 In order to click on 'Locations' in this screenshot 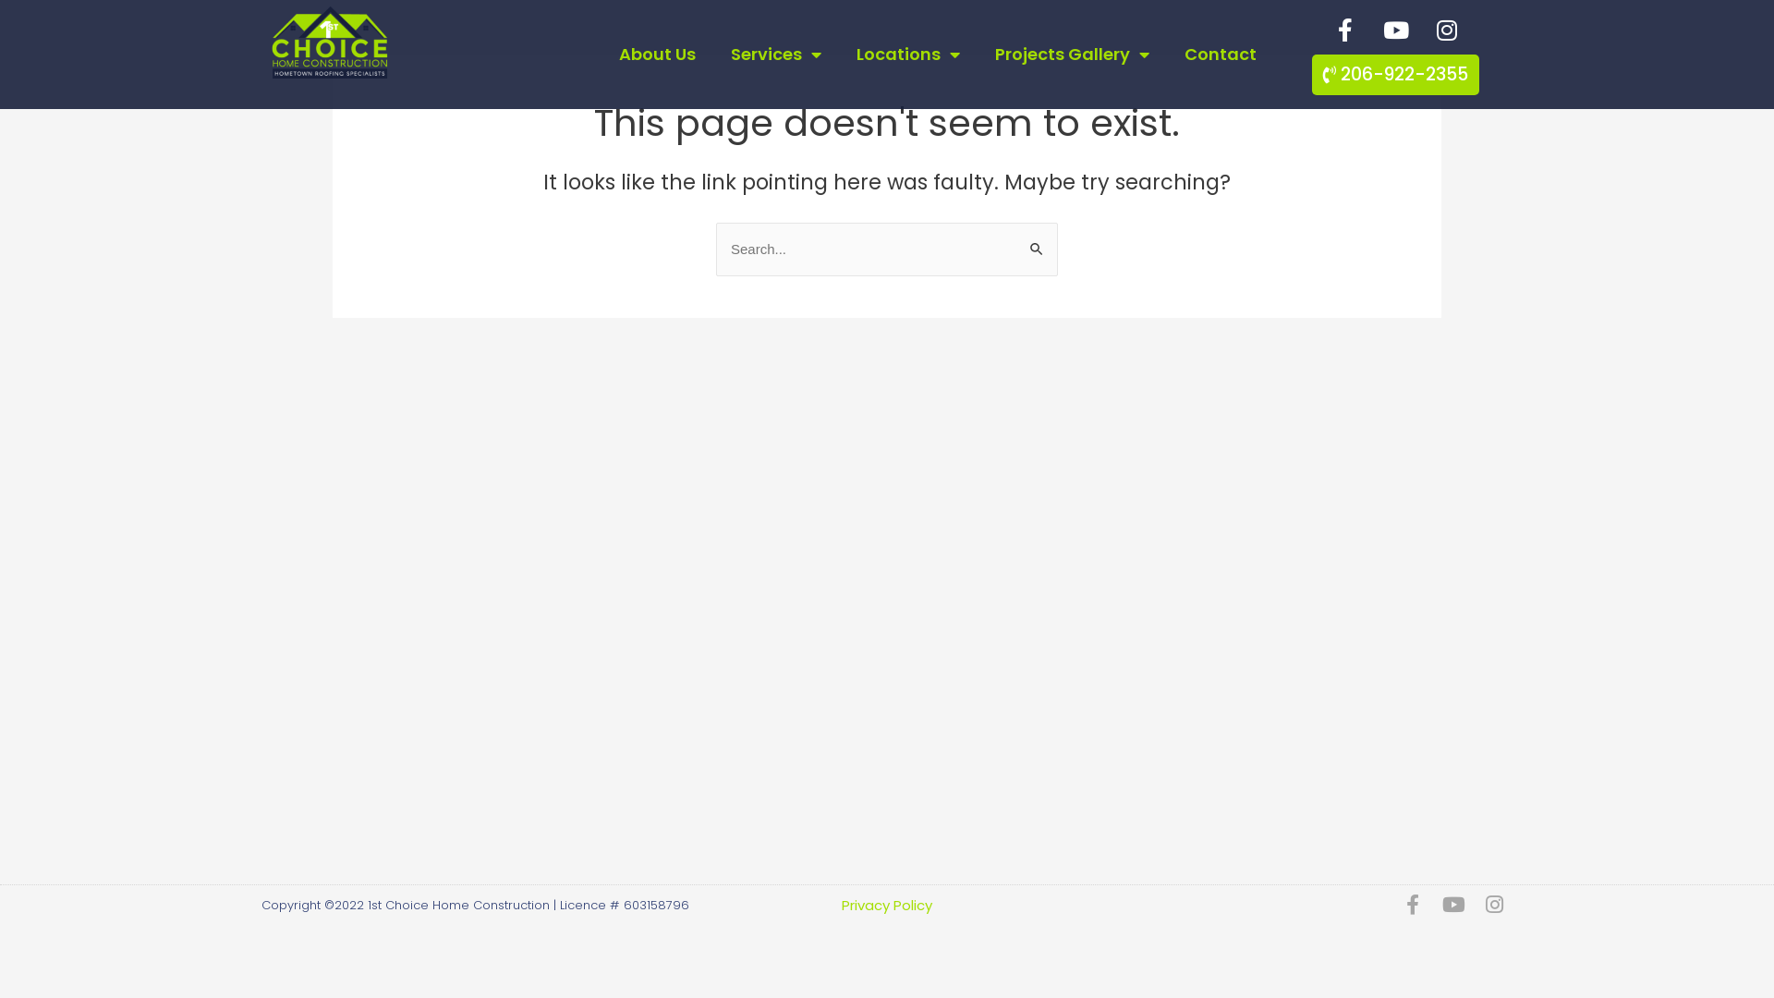, I will do `click(837, 53)`.